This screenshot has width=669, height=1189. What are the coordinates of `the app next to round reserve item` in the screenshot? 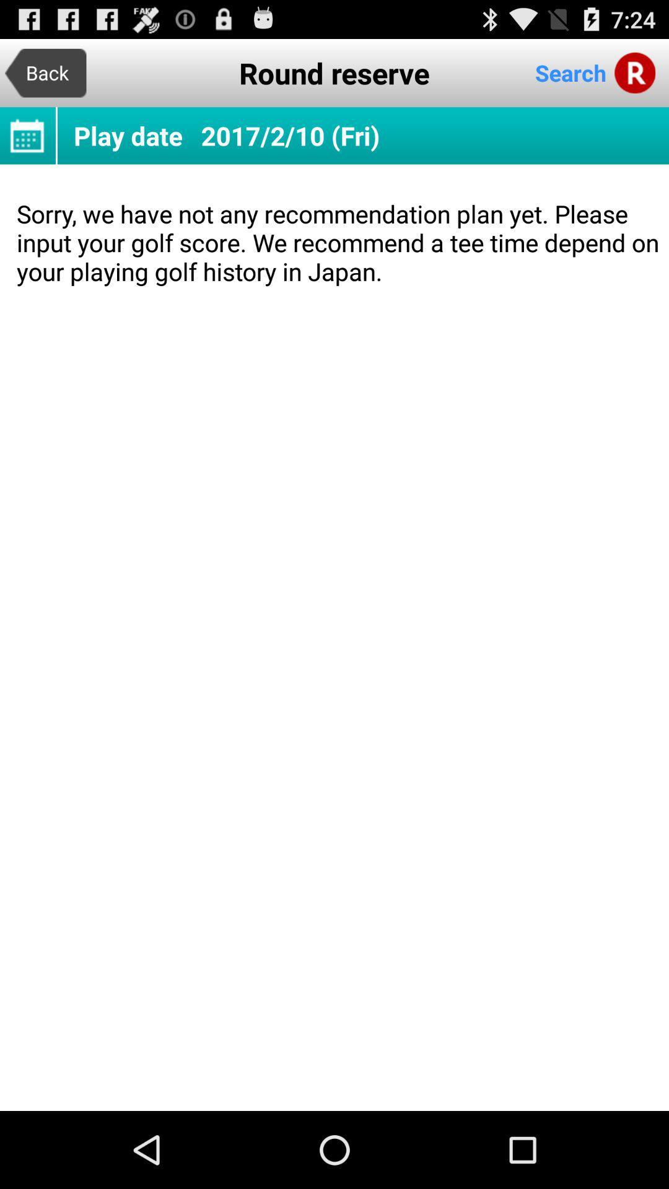 It's located at (45, 72).